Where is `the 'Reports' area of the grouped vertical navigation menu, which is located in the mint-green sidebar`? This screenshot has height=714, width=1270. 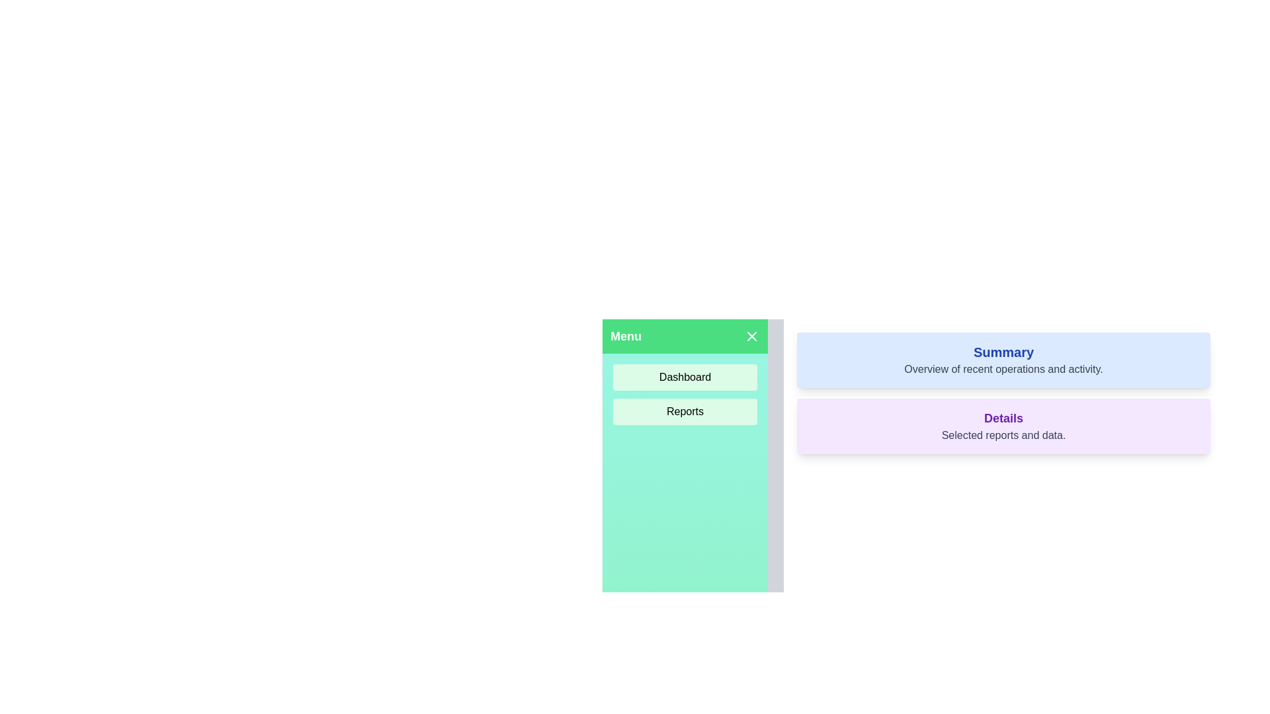 the 'Reports' area of the grouped vertical navigation menu, which is located in the mint-green sidebar is located at coordinates (685, 394).